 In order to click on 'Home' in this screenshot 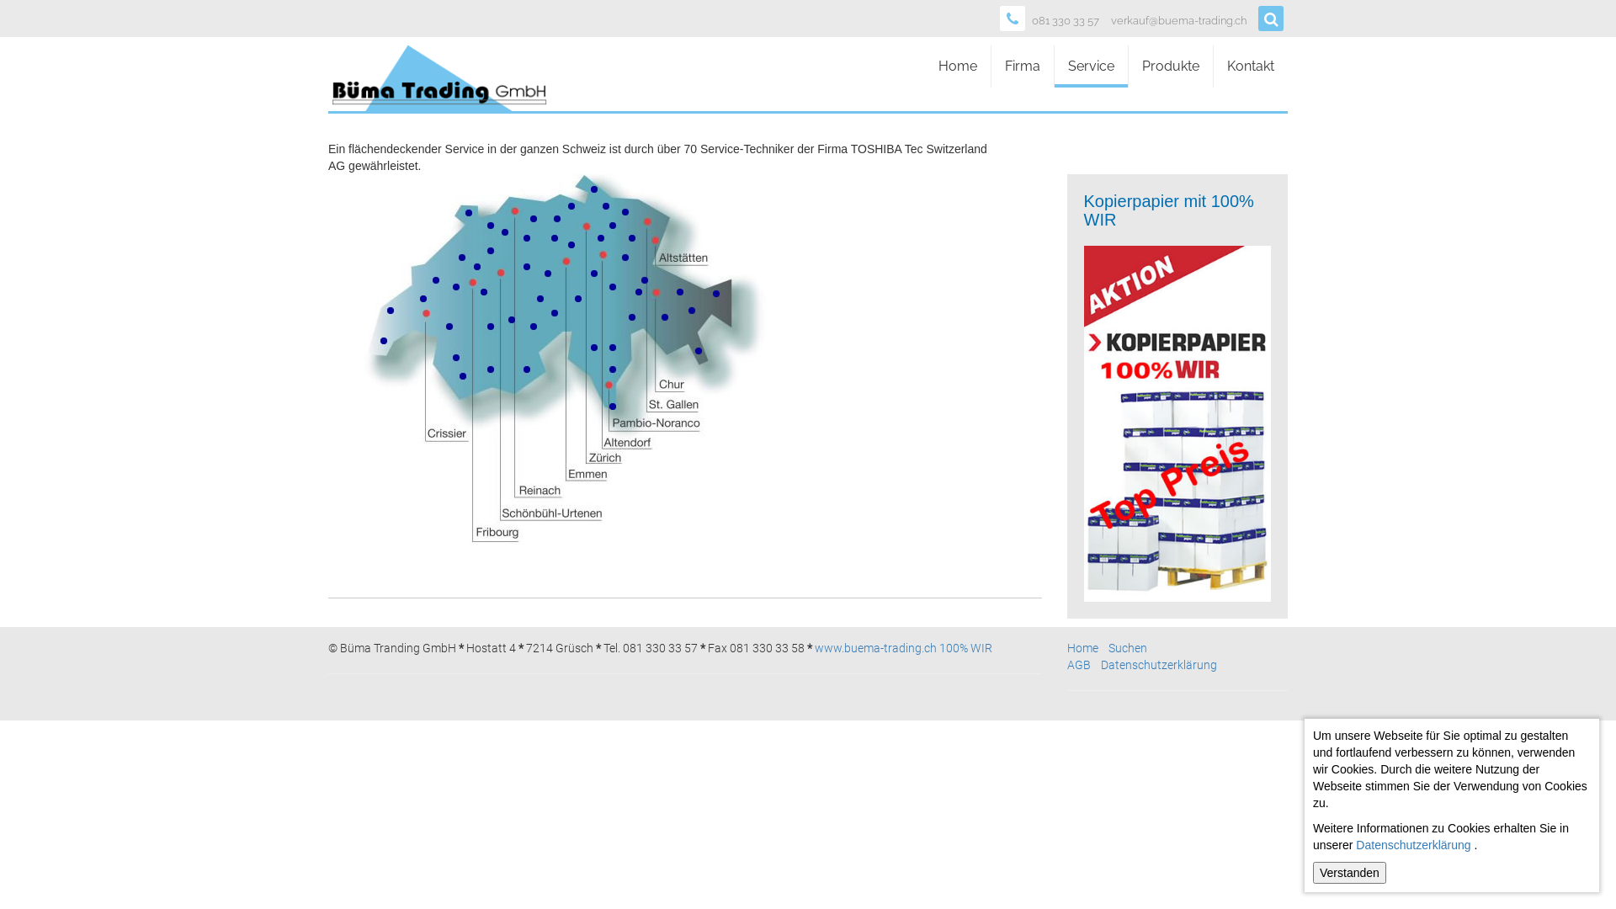, I will do `click(924, 65)`.